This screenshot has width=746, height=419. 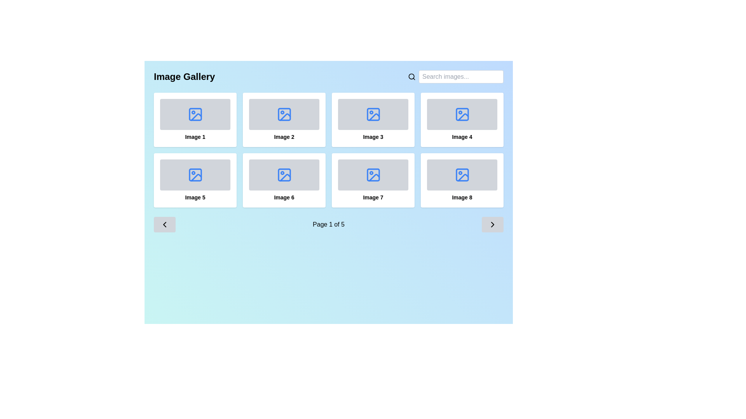 What do you see at coordinates (373, 114) in the screenshot?
I see `the image placeholder icon located in the third column of the first row of a 4x2 grid layout, which has a rounded background and centered alignment` at bounding box center [373, 114].